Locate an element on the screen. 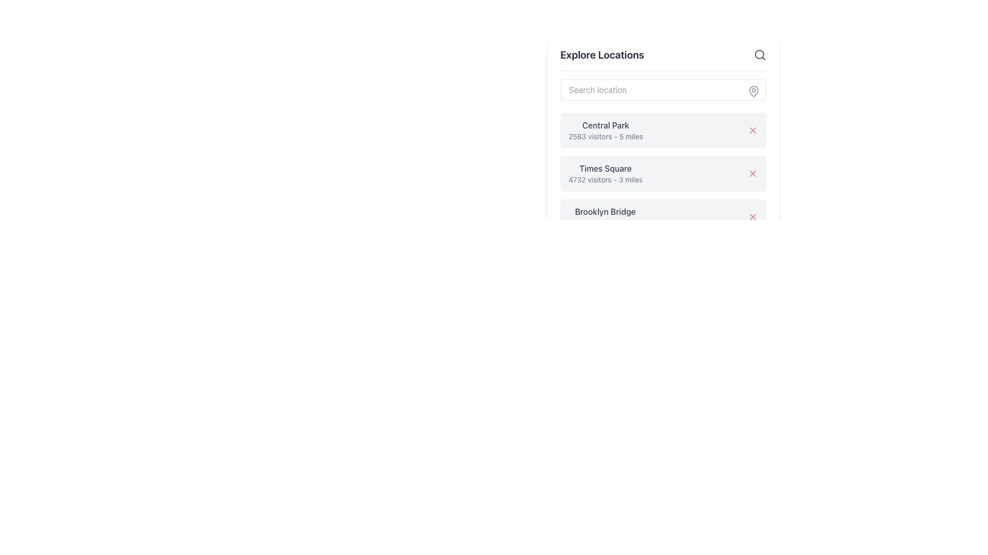 The height and width of the screenshot is (555, 988). the list item displaying 'Brooklyn Bridge' with a red 'X' icon, located in the right section of the interface is located at coordinates (663, 216).